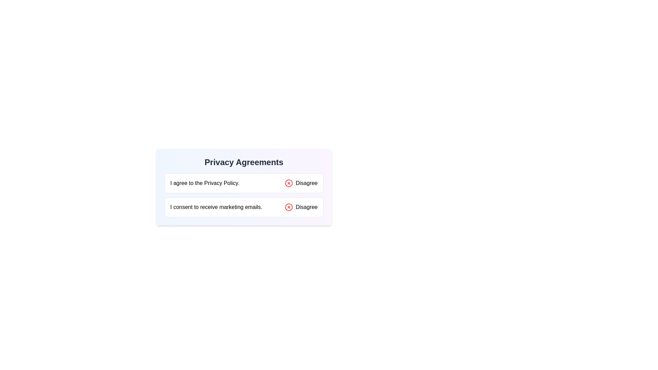 The image size is (658, 370). I want to click on the cancel icon next to the 'Disagree' text in the upper portion of the options list, so click(289, 207).